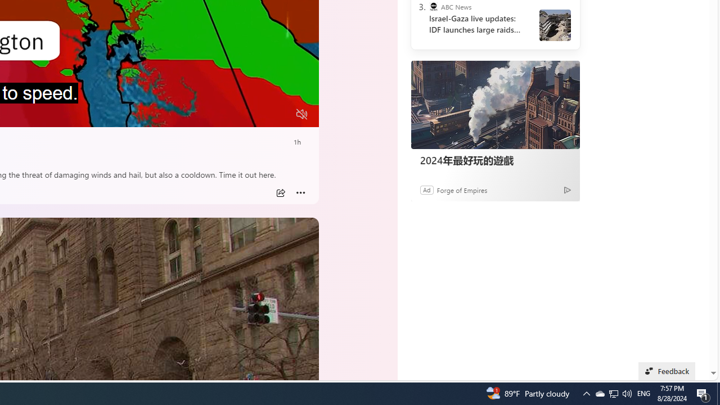 This screenshot has height=405, width=720. What do you see at coordinates (433, 7) in the screenshot?
I see `'ABC News'` at bounding box center [433, 7].